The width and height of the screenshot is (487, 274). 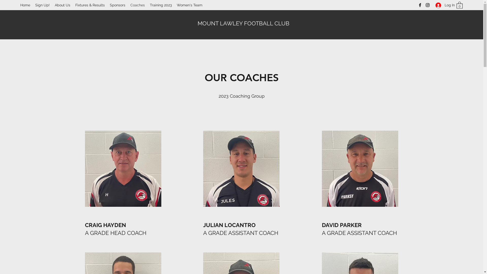 I want to click on 'Fixtures & Results', so click(x=90, y=5).